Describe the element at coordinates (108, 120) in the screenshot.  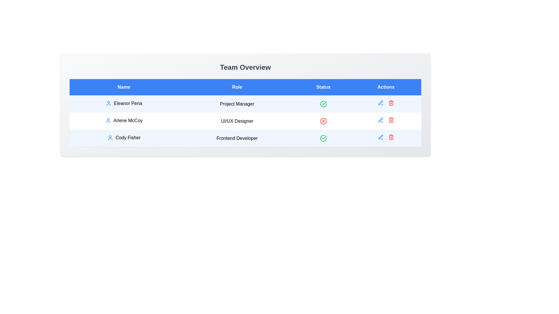
I see `the Profile icon, which is a circular icon with a blue outer stroke and a white background, located next to the name 'Arlene McCoy' in the second row of the table` at that location.